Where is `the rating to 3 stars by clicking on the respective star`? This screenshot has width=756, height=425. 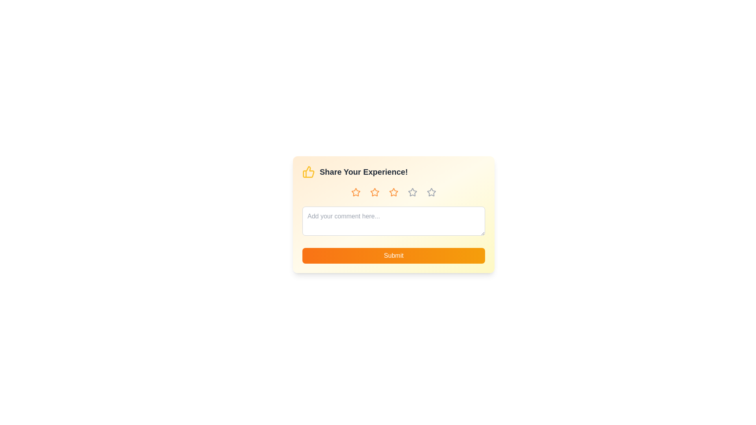 the rating to 3 stars by clicking on the respective star is located at coordinates (393, 192).